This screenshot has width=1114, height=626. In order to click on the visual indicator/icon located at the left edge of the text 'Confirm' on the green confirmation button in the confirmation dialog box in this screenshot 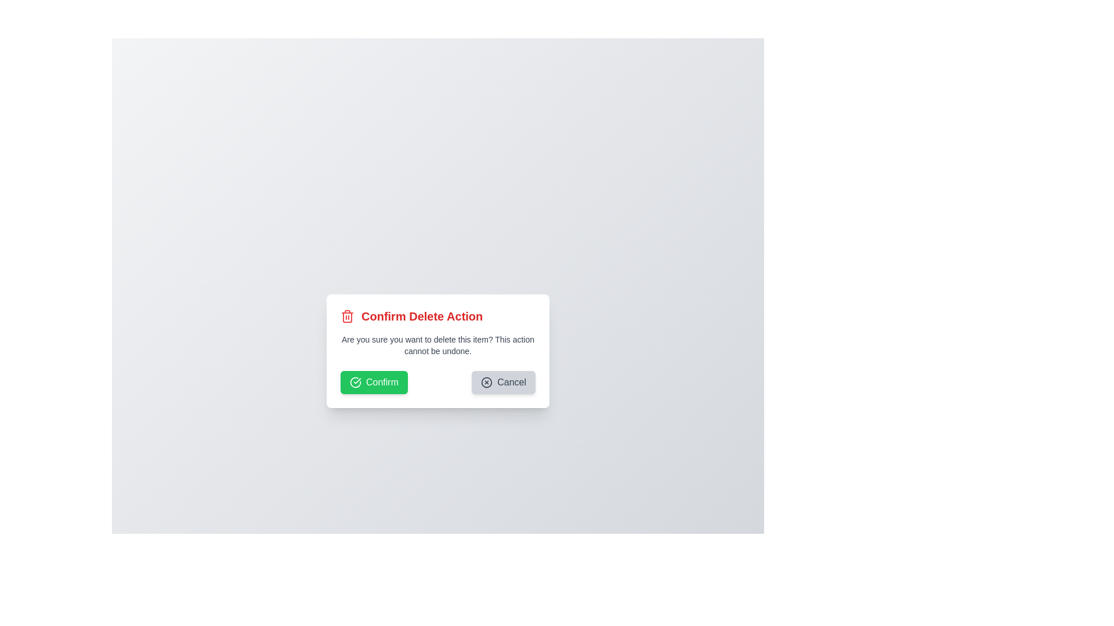, I will do `click(355, 382)`.